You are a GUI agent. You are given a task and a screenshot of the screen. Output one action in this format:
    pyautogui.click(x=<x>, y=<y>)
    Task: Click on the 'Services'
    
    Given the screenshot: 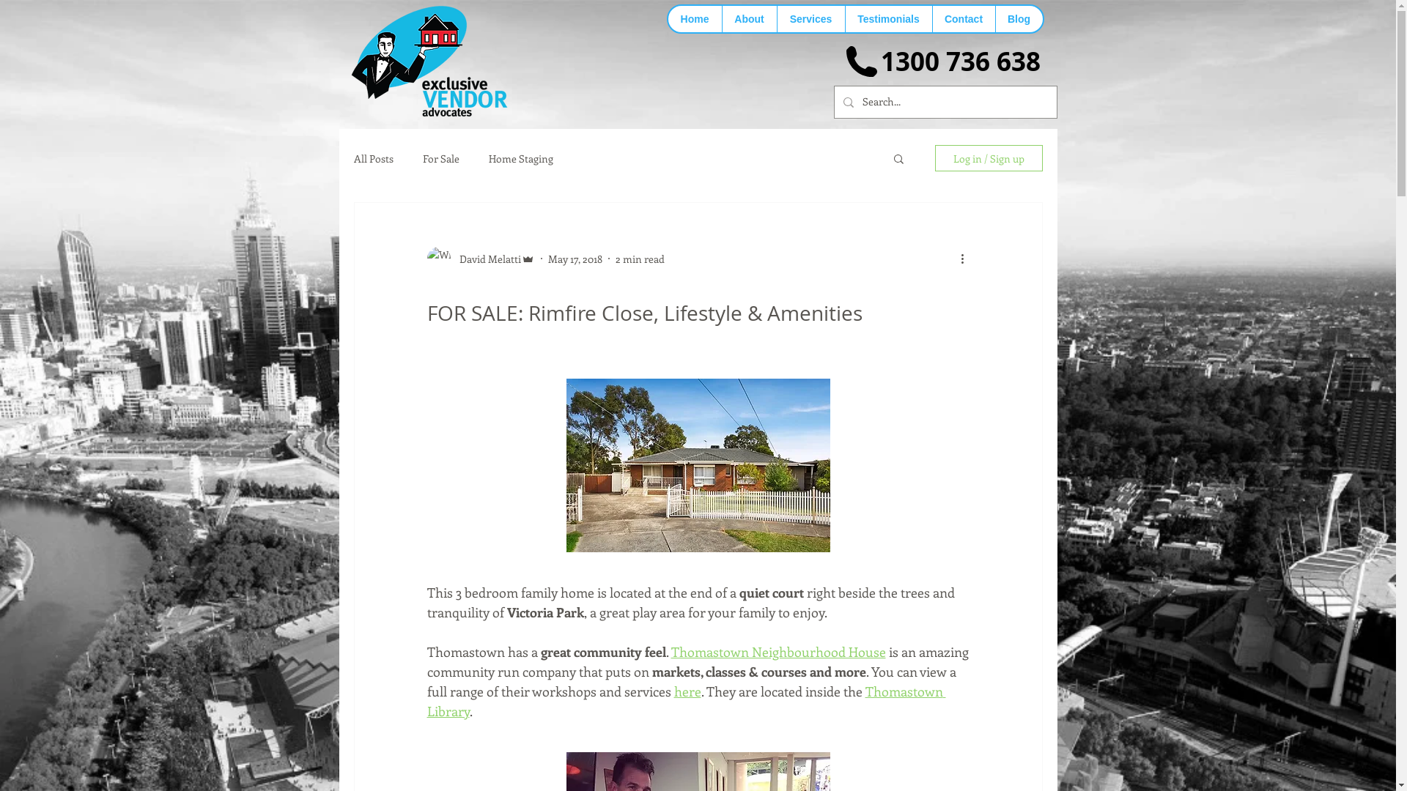 What is the action you would take?
    pyautogui.click(x=776, y=19)
    